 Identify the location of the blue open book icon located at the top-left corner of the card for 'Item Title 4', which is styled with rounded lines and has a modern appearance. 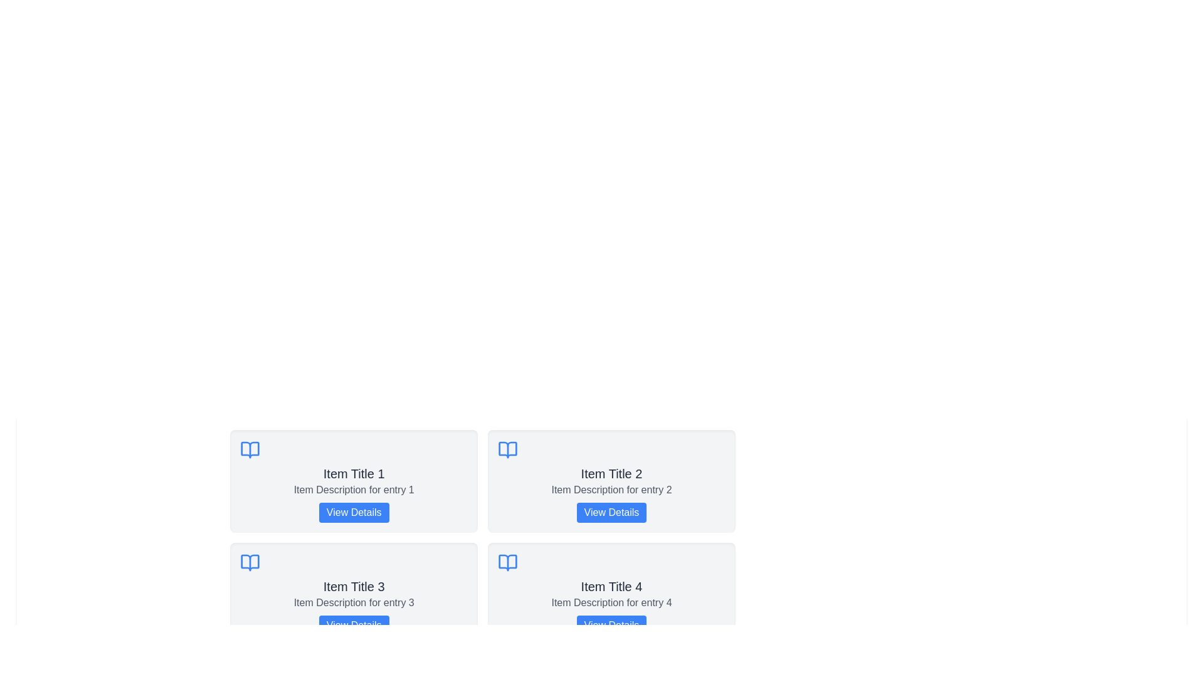
(508, 562).